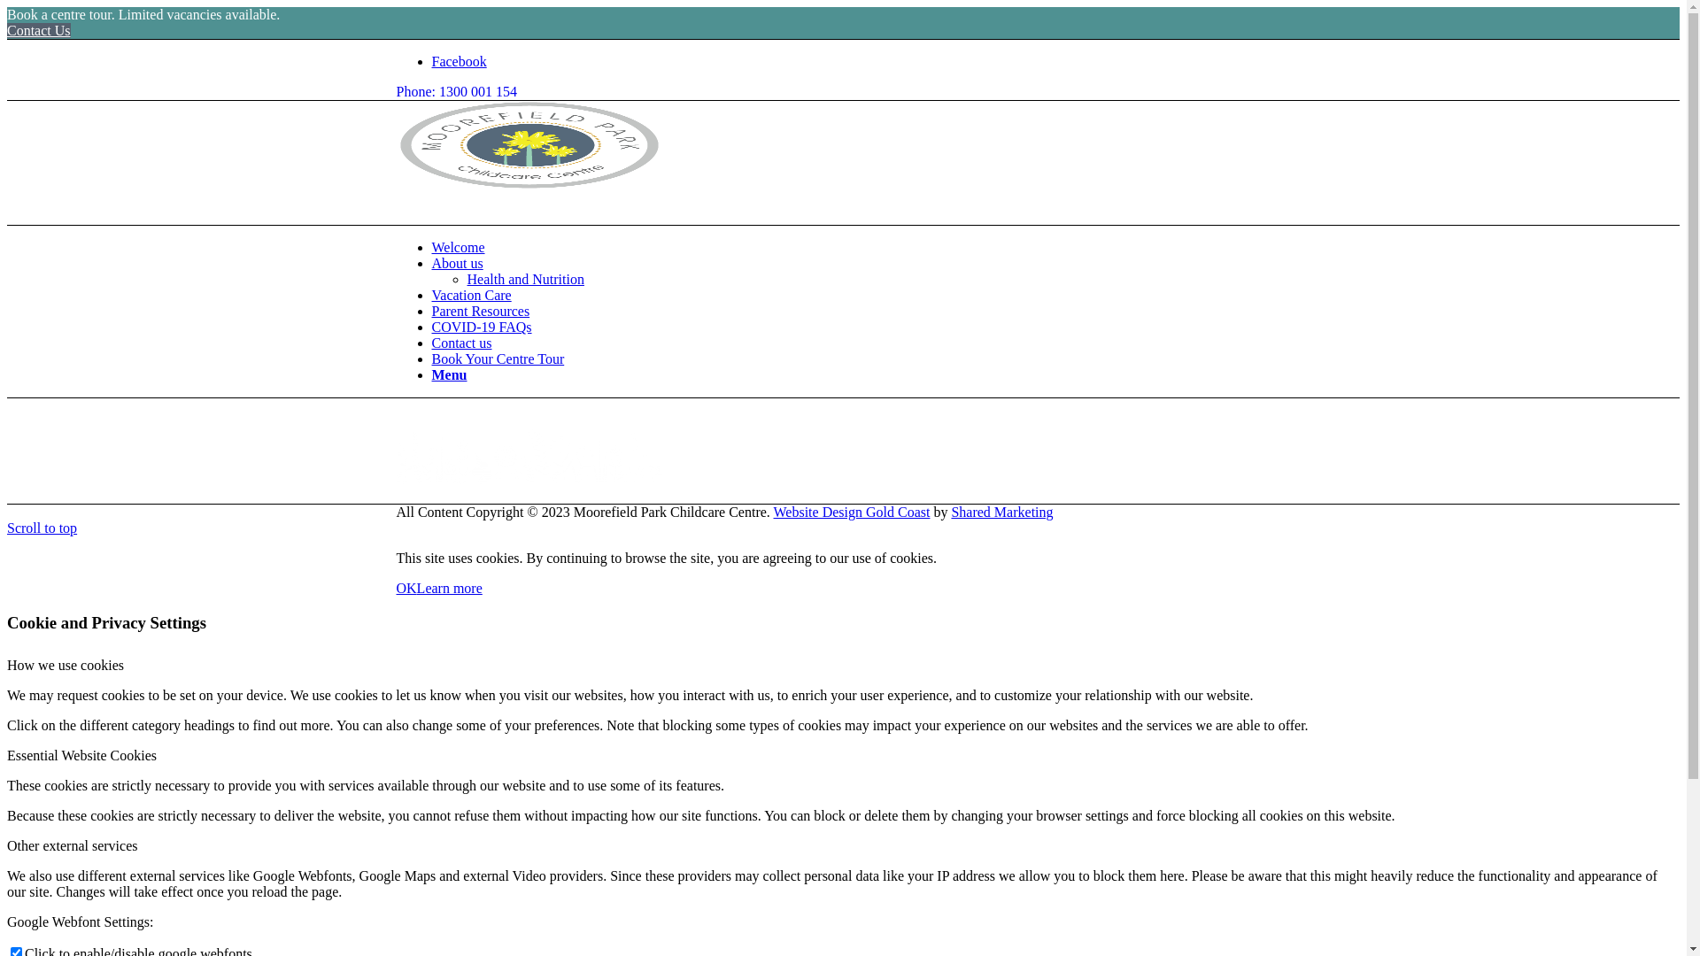 Image resolution: width=1700 pixels, height=956 pixels. What do you see at coordinates (458, 263) in the screenshot?
I see `'About us'` at bounding box center [458, 263].